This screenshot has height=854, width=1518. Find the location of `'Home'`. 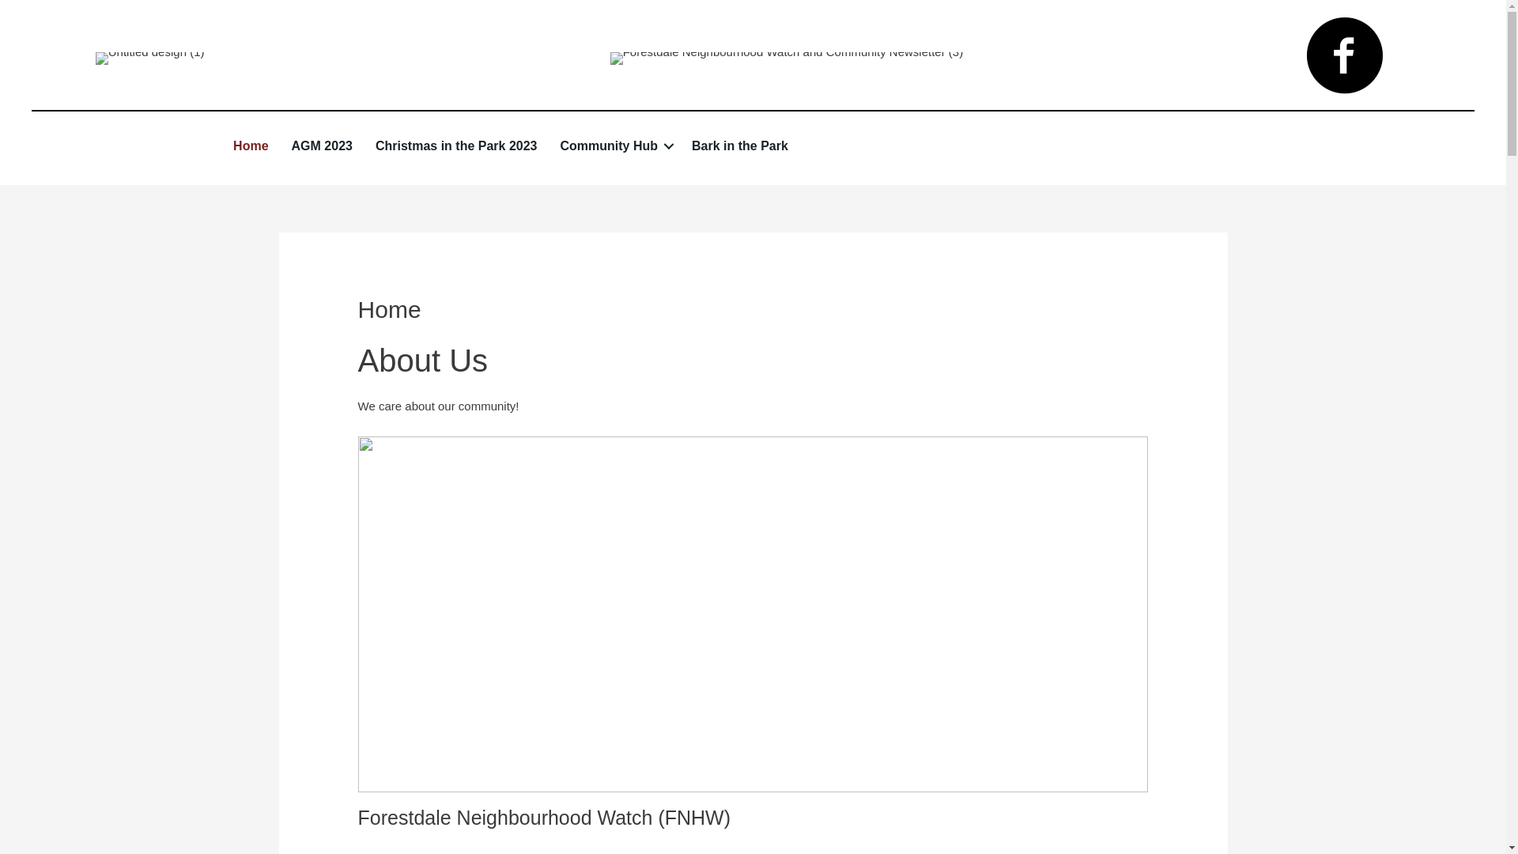

'Home' is located at coordinates (221, 146).